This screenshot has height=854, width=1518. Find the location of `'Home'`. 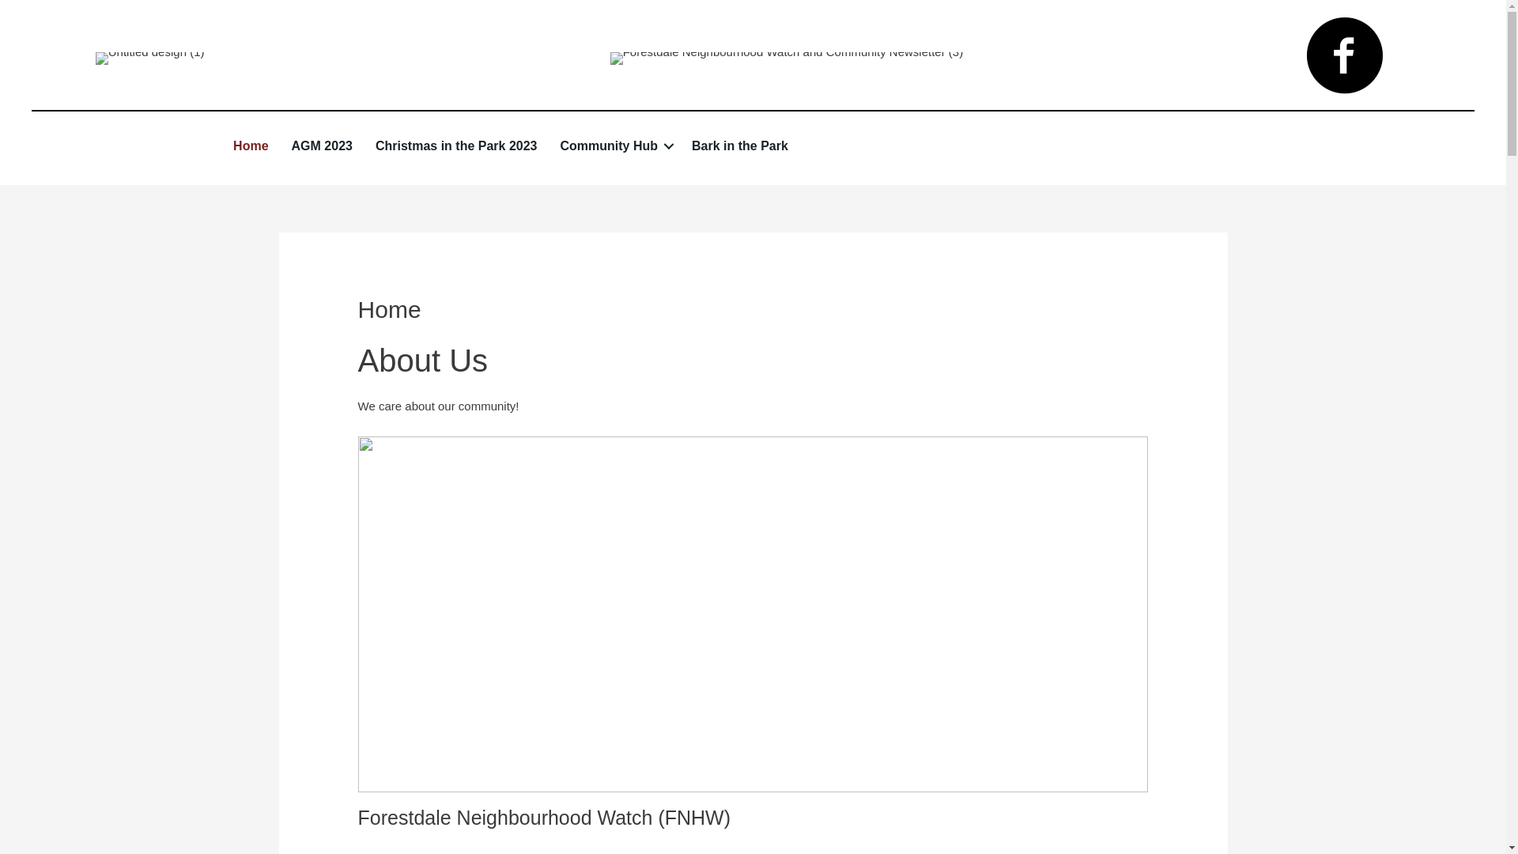

'Home' is located at coordinates (221, 146).